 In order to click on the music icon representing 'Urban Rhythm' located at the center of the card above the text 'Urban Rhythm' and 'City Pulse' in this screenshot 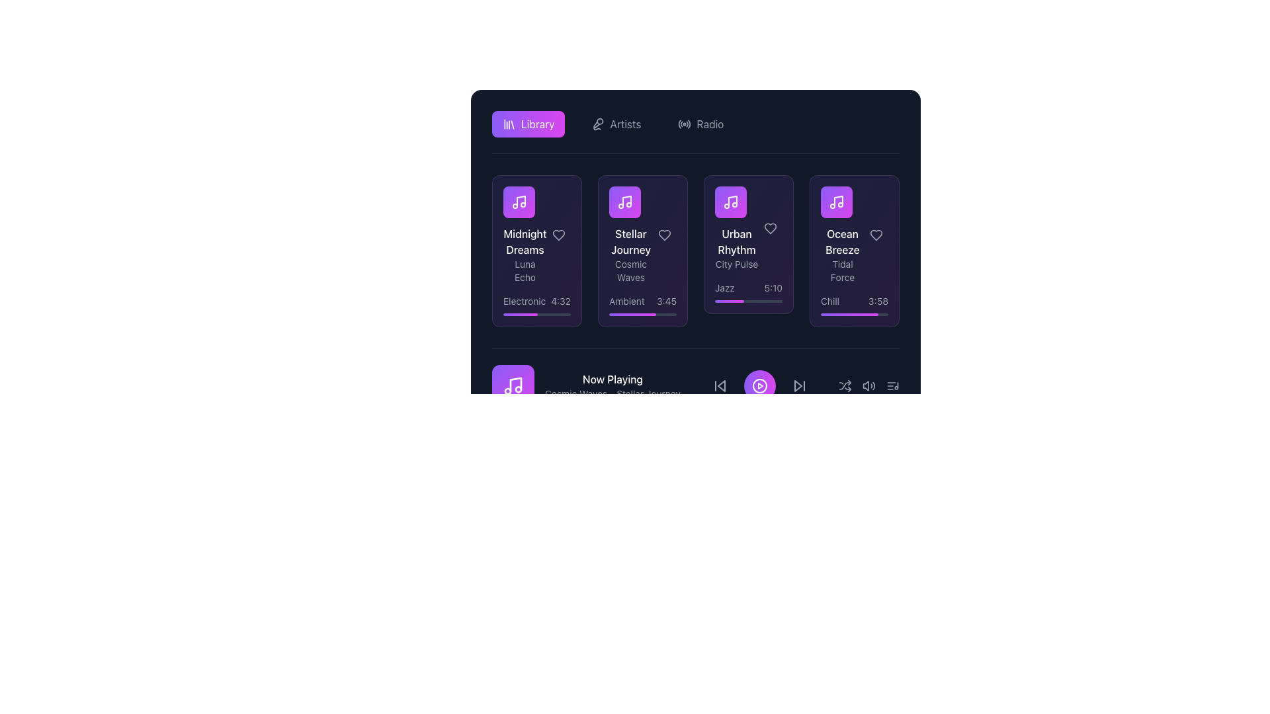, I will do `click(730, 202)`.